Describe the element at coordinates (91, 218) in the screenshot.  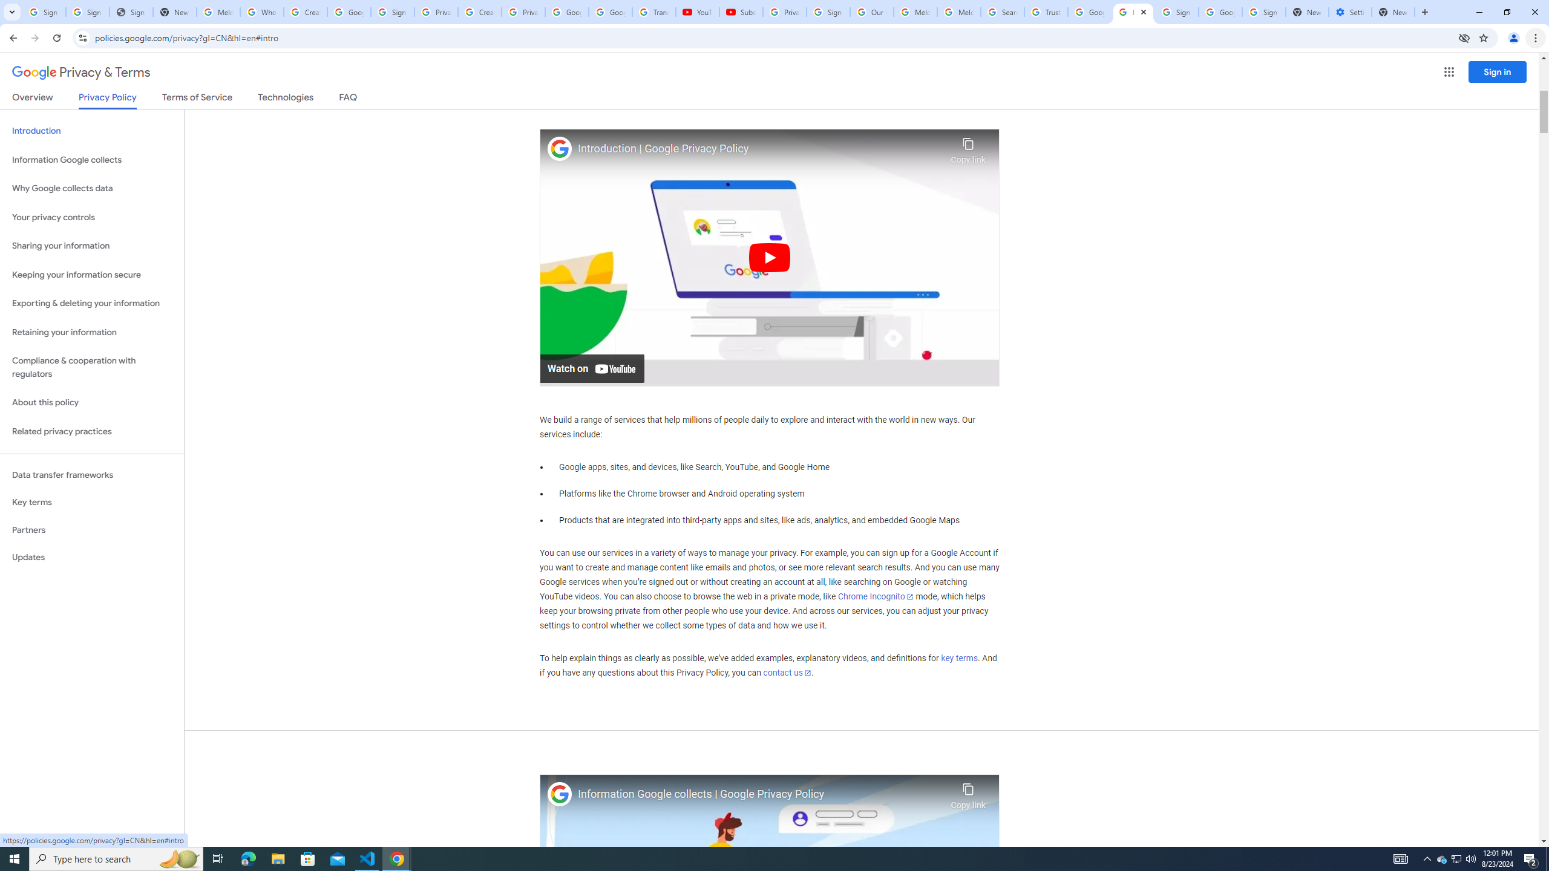
I see `'Your privacy controls'` at that location.